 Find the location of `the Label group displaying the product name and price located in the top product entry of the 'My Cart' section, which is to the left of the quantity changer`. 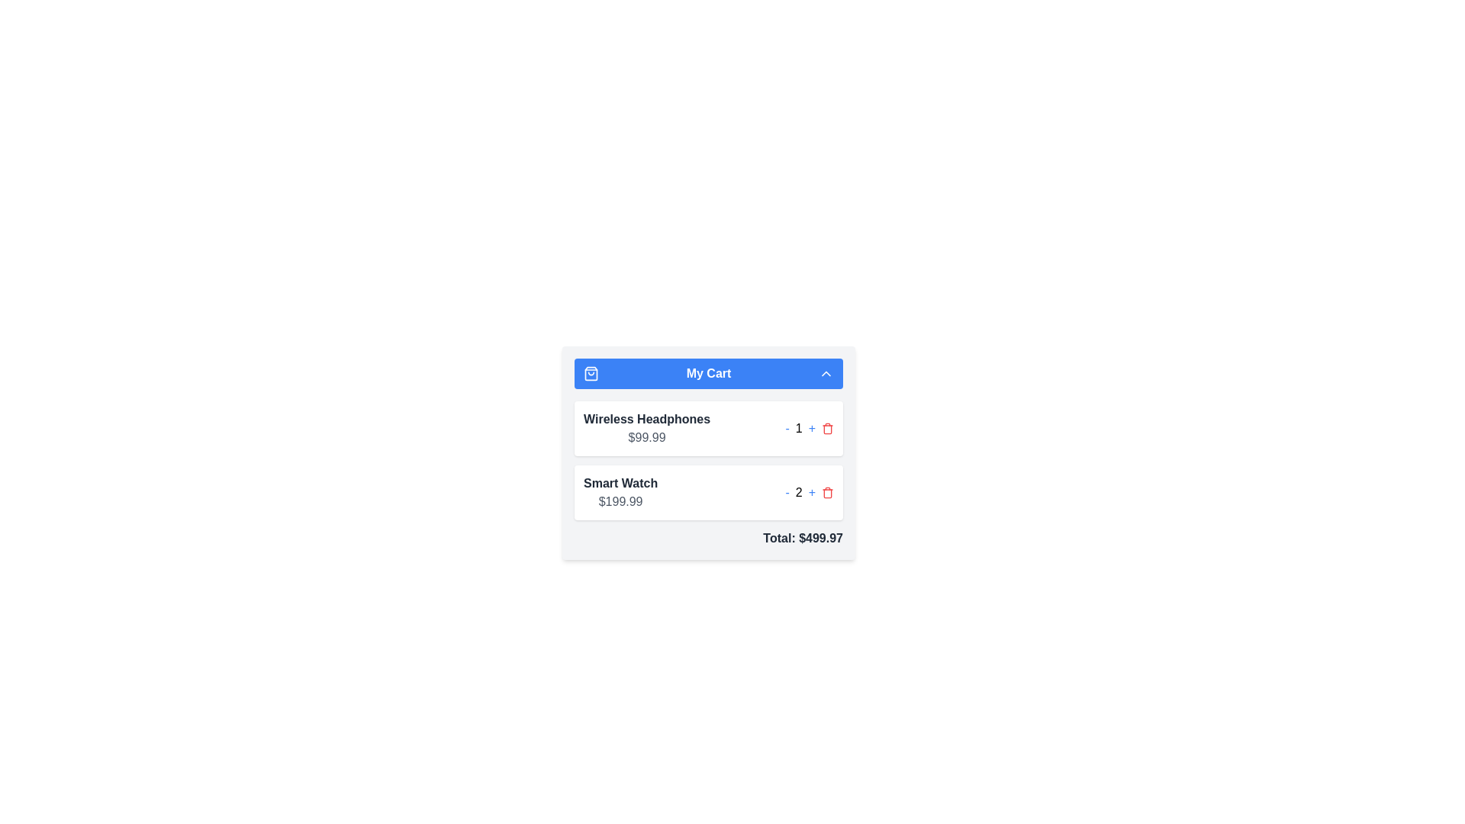

the Label group displaying the product name and price located in the top product entry of the 'My Cart' section, which is to the left of the quantity changer is located at coordinates (647, 429).